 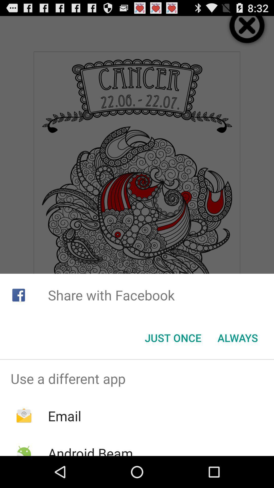 What do you see at coordinates (64, 416) in the screenshot?
I see `item above android beam item` at bounding box center [64, 416].